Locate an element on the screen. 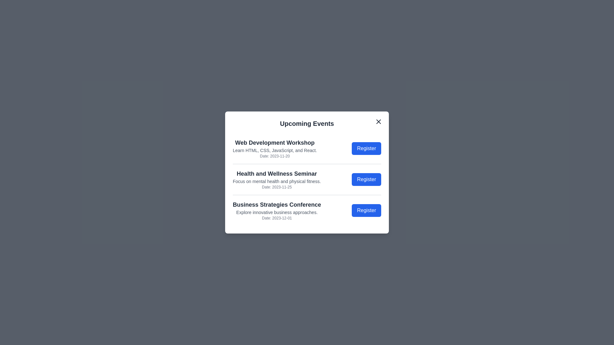 Image resolution: width=614 pixels, height=345 pixels. 'Register' button for the event 'Health and Wellness Seminar' is located at coordinates (366, 180).